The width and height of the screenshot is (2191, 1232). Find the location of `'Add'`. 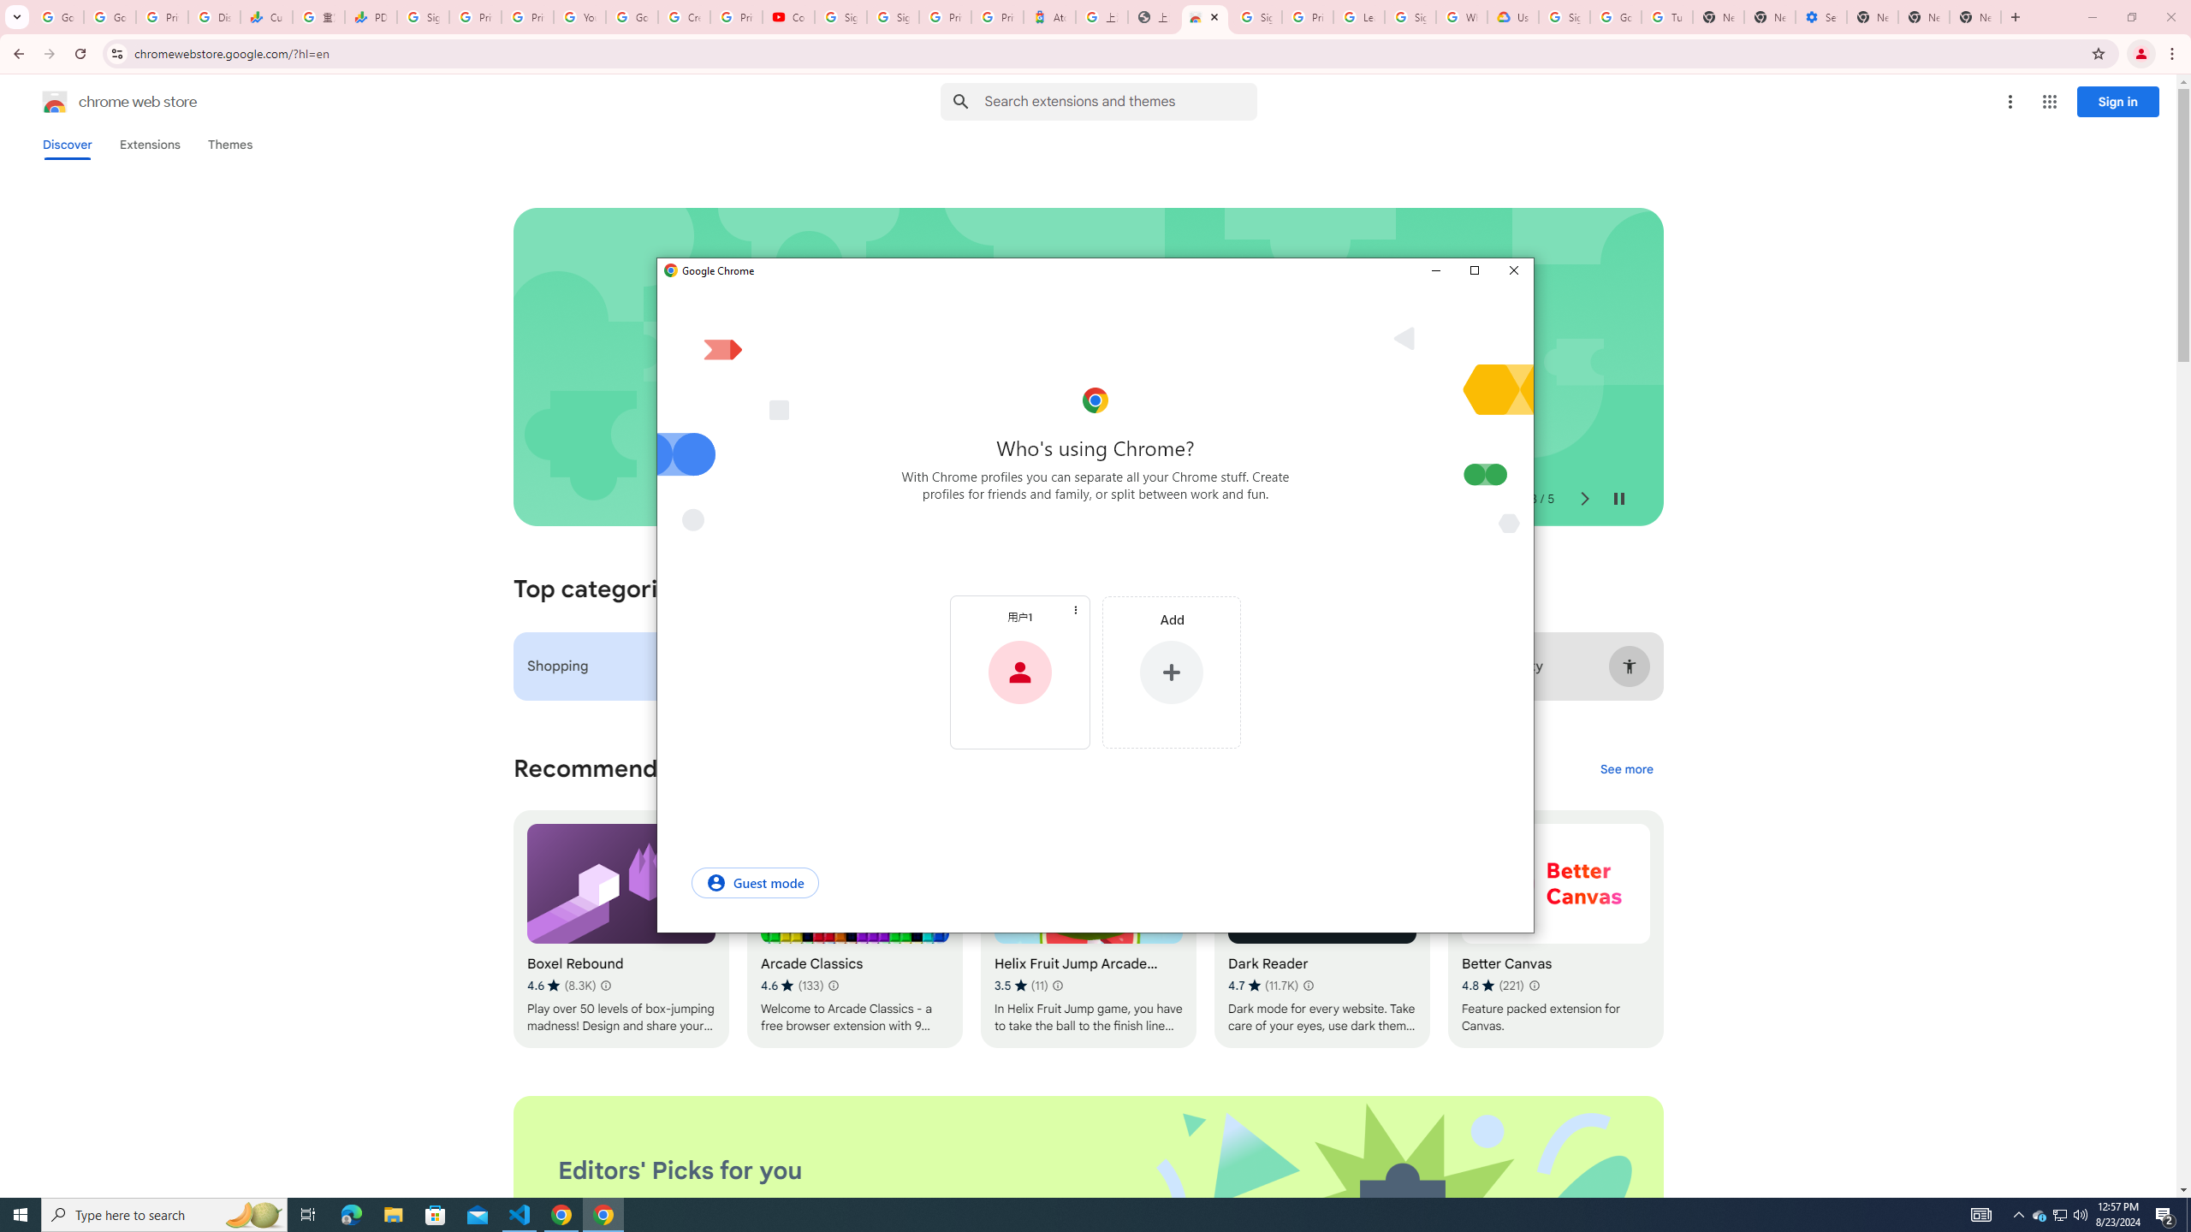

'Add' is located at coordinates (1170, 672).